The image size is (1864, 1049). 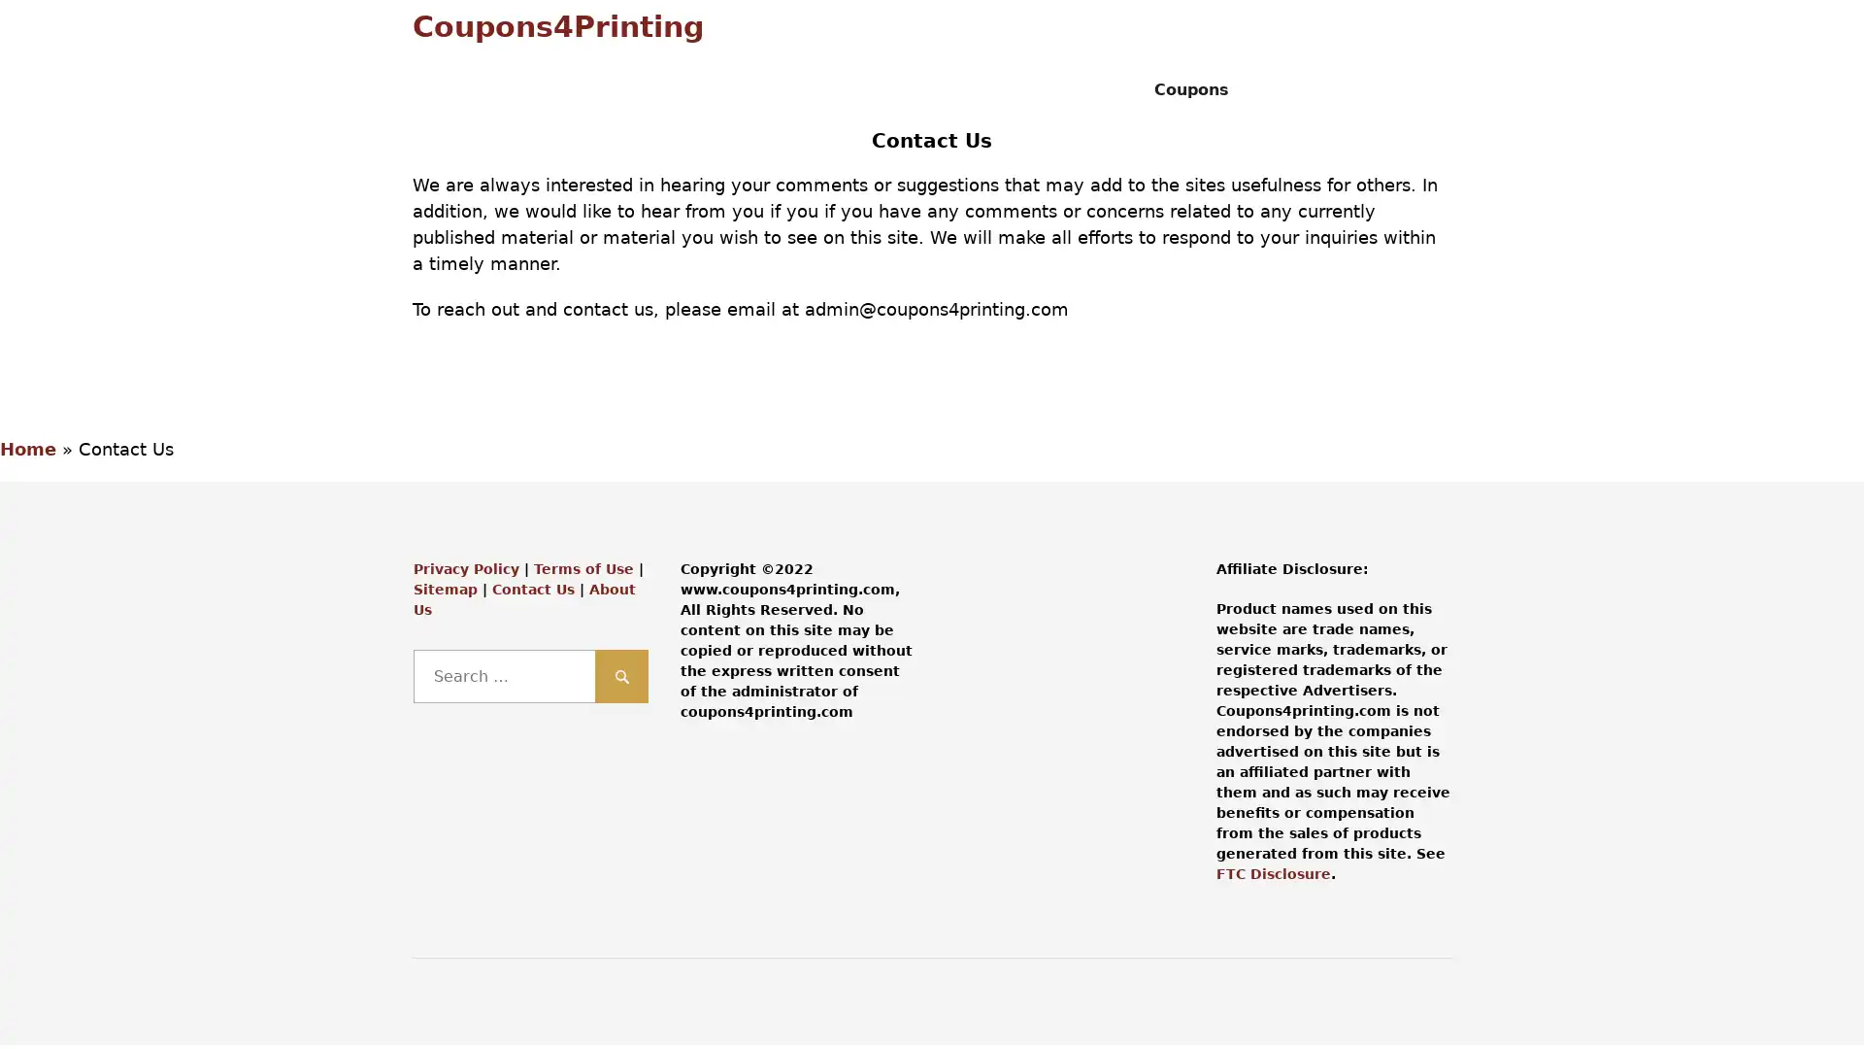 What do you see at coordinates (621, 675) in the screenshot?
I see `Search` at bounding box center [621, 675].